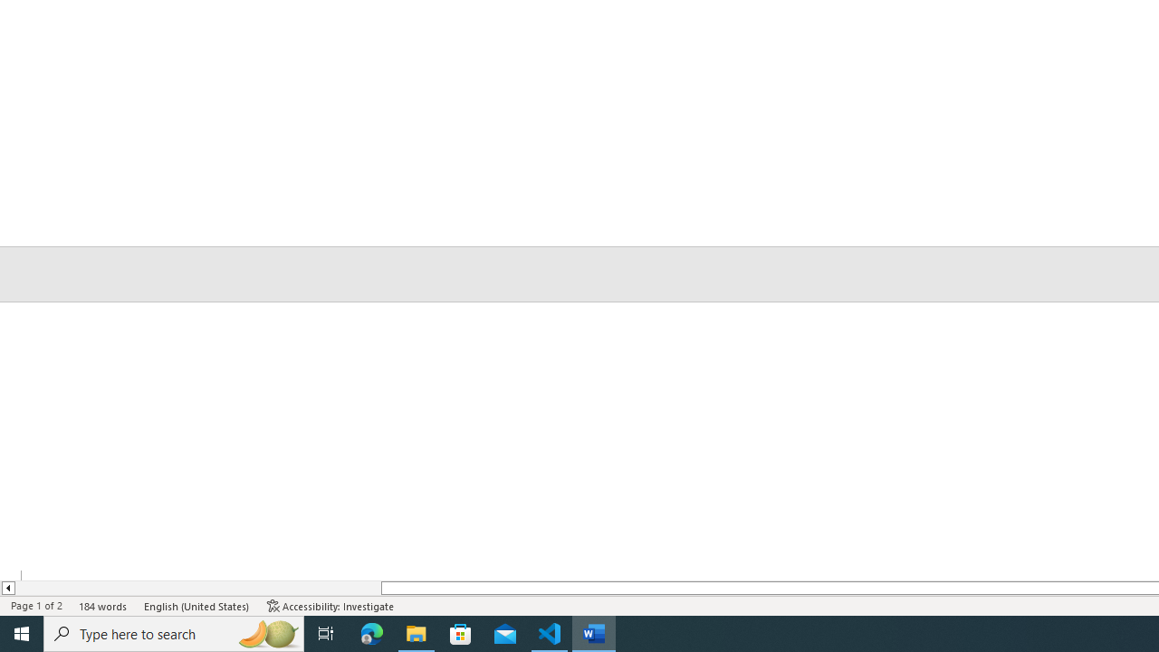 This screenshot has width=1159, height=652. What do you see at coordinates (197, 606) in the screenshot?
I see `'Language English (United States)'` at bounding box center [197, 606].